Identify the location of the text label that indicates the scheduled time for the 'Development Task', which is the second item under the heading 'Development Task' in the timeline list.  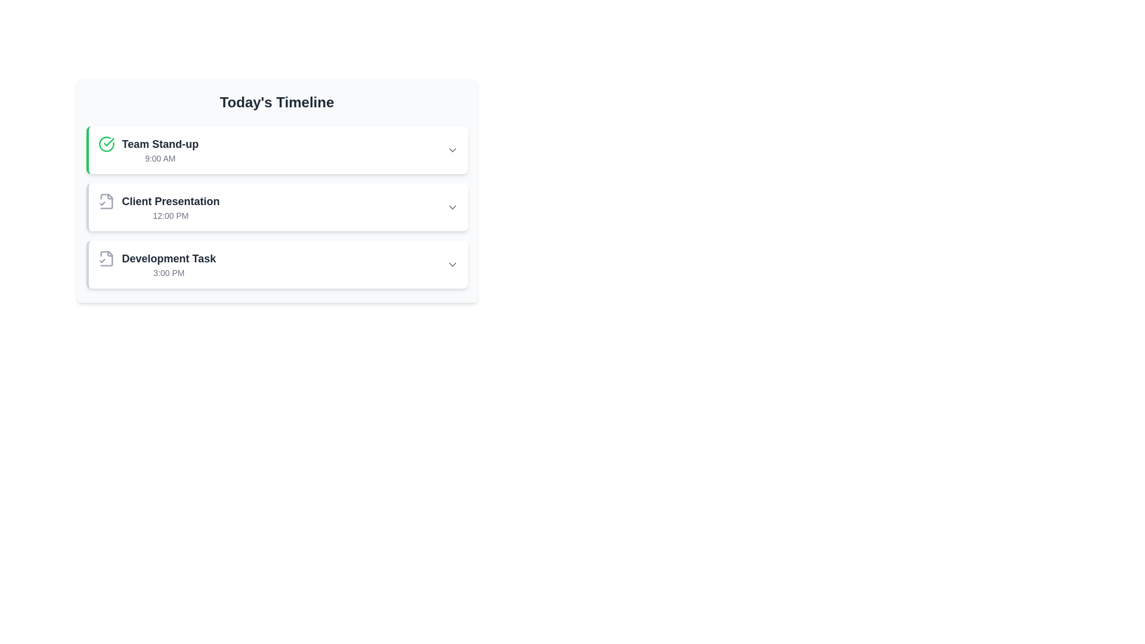
(168, 273).